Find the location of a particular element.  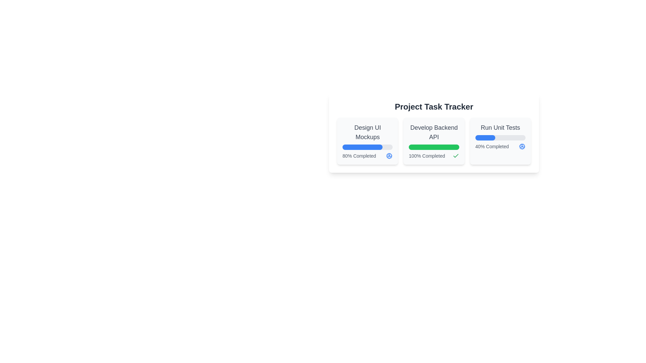

the loading spinner icon indicating the ongoing process of the 'Design UI Mockups' task, located in the '80% Completed' section adjacent to the '80% Completed' text is located at coordinates (389, 156).